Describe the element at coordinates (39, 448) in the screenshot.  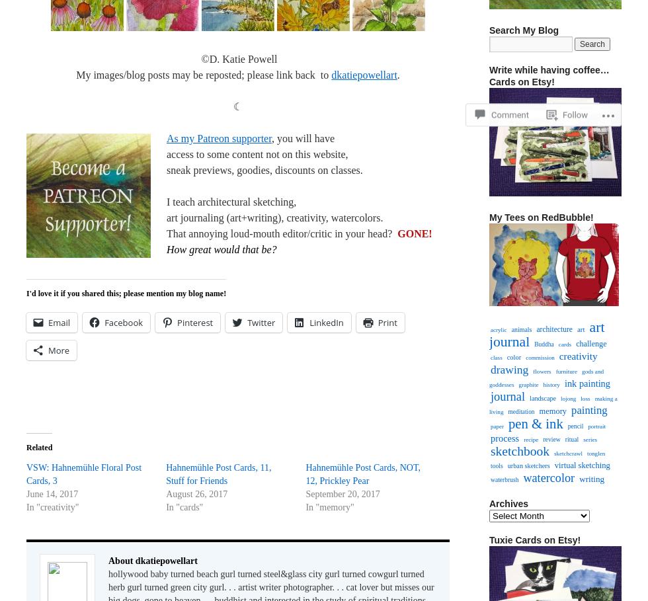
I see `'Related'` at that location.